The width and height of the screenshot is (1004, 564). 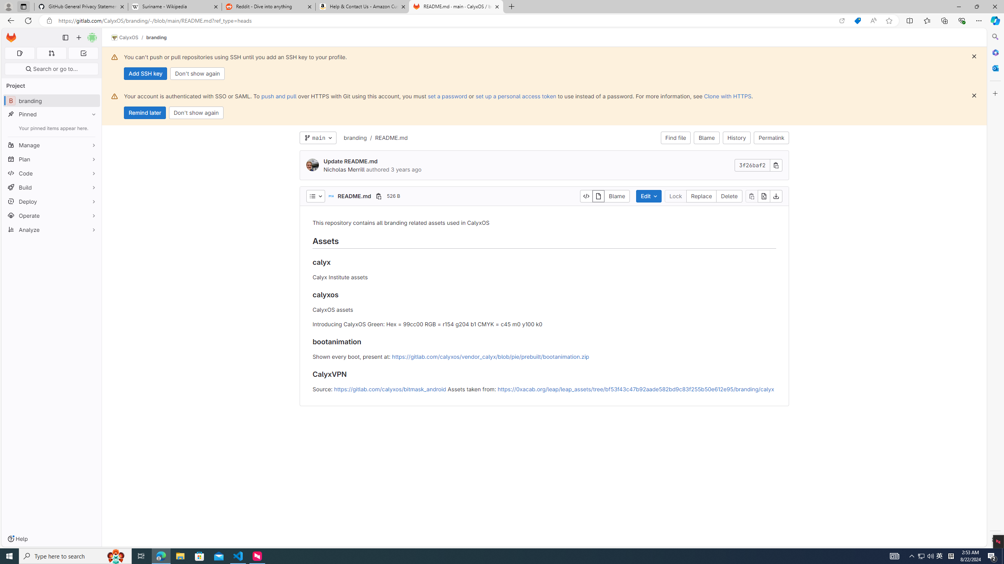 I want to click on 'Blame', so click(x=706, y=138).